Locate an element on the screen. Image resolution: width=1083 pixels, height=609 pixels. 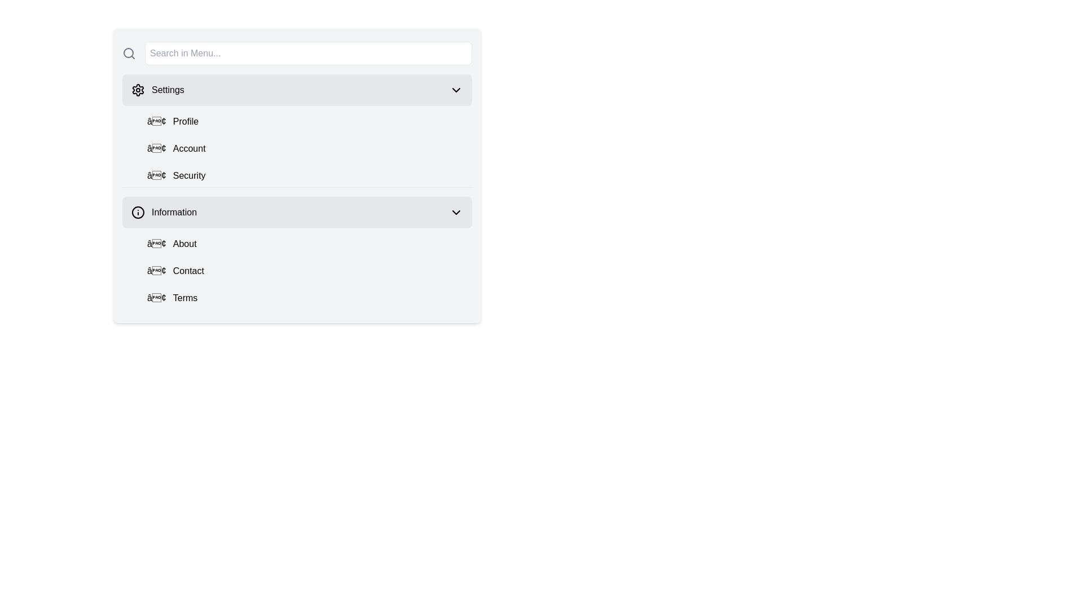
the visual marker for the menu item 'Security' which serves as a stylistic indicator, positioned slightly left of the 'Security' label is located at coordinates (156, 176).